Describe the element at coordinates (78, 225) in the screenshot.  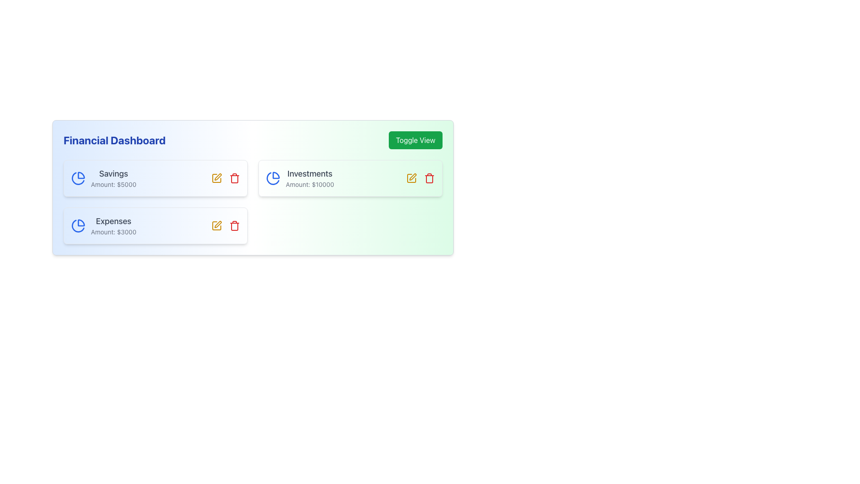
I see `the 'Expenses' icon located on the leftmost side of the 'Expenses' section in the financial dashboard` at that location.